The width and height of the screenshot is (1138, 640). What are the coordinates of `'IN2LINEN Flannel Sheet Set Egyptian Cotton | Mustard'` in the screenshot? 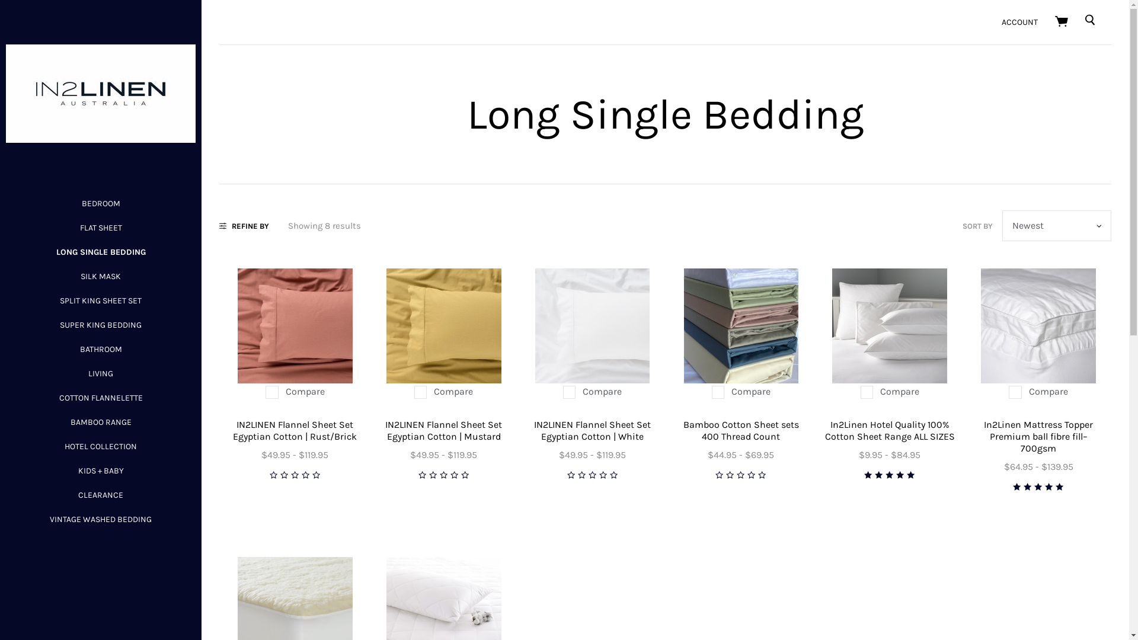 It's located at (443, 326).